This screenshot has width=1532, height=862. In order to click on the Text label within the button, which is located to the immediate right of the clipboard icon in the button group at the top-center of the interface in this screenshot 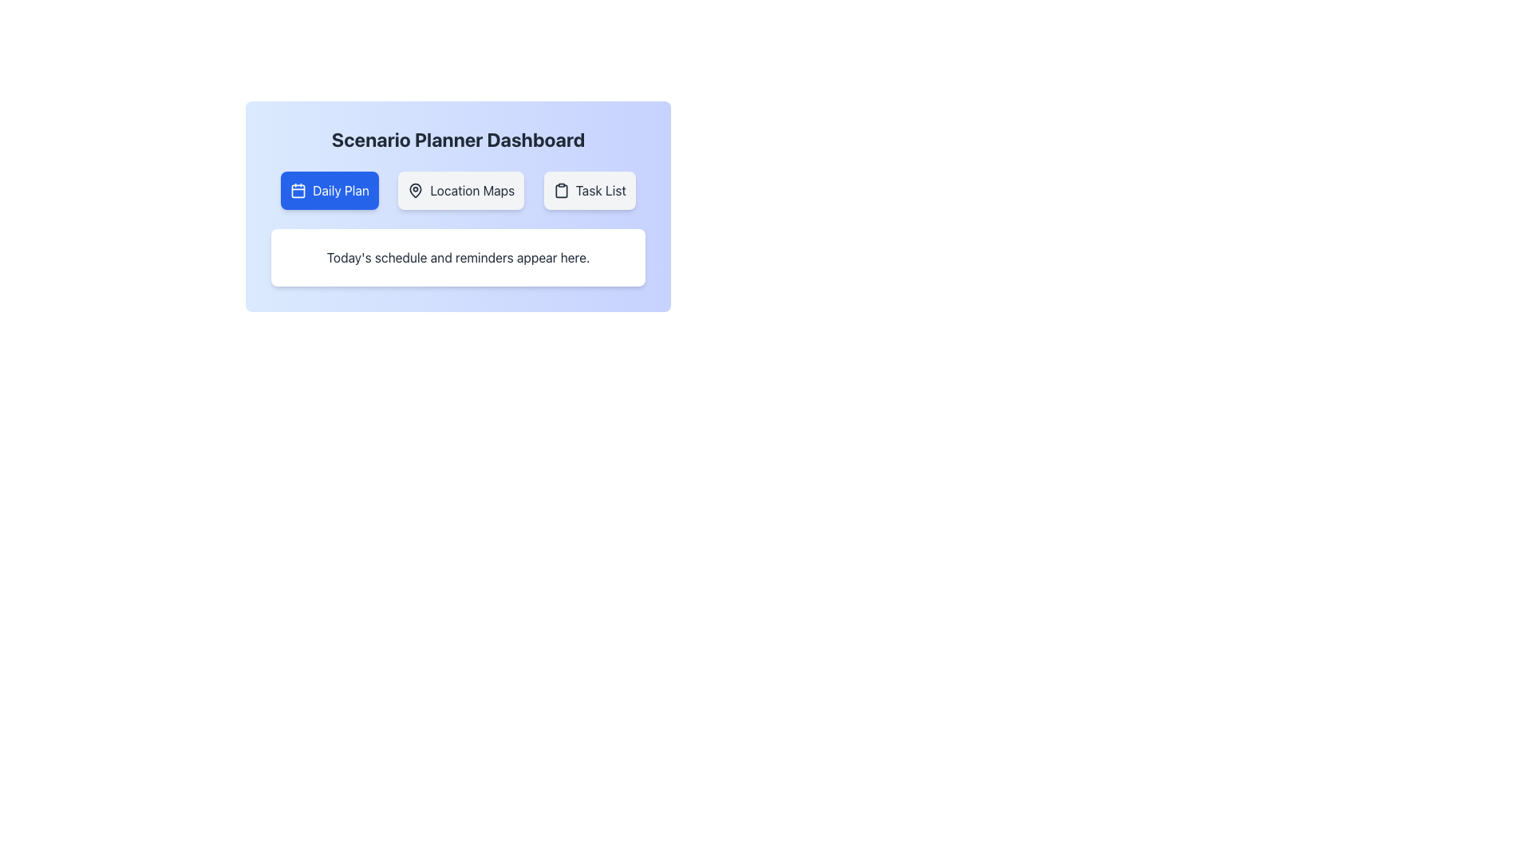, I will do `click(600, 190)`.